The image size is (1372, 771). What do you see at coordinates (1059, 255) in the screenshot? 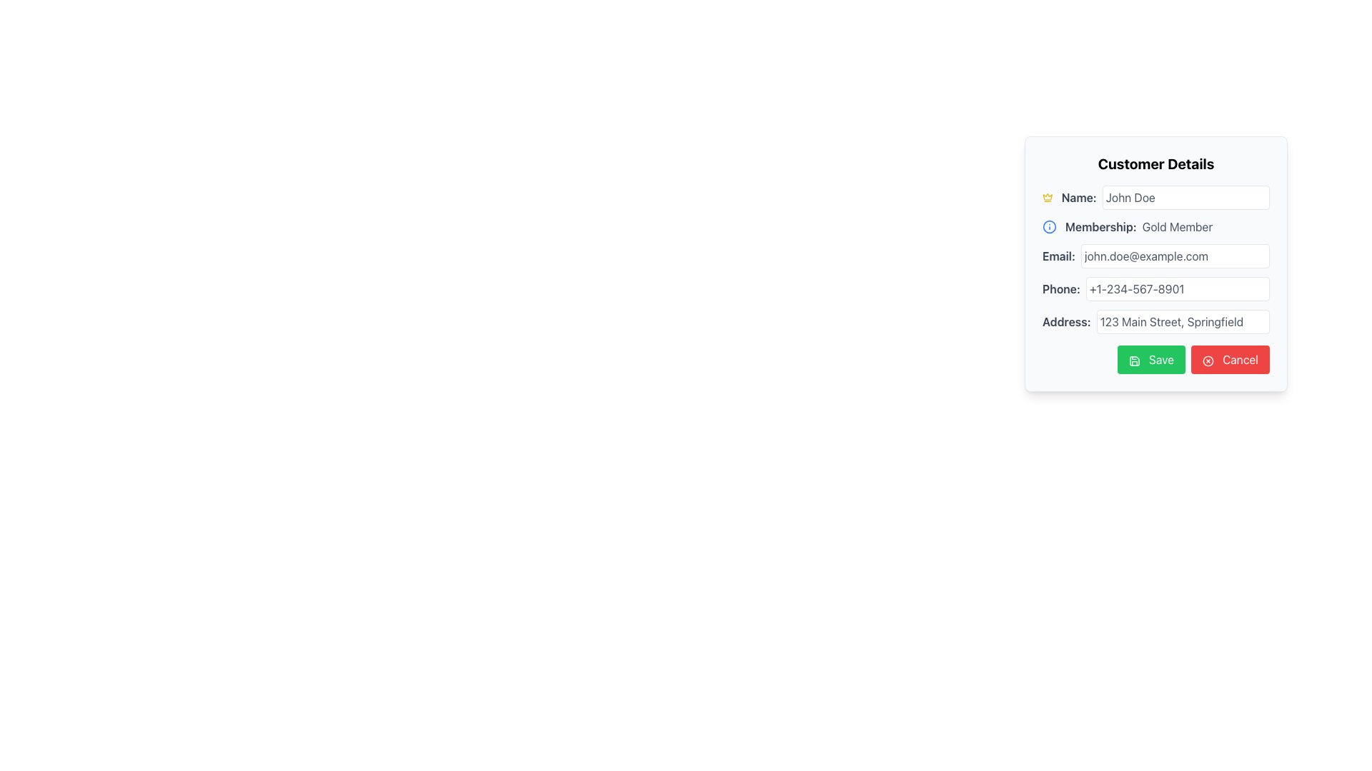
I see `the text label that provides contextual information for the adjacent email input field in the 'Customer Details' section` at bounding box center [1059, 255].